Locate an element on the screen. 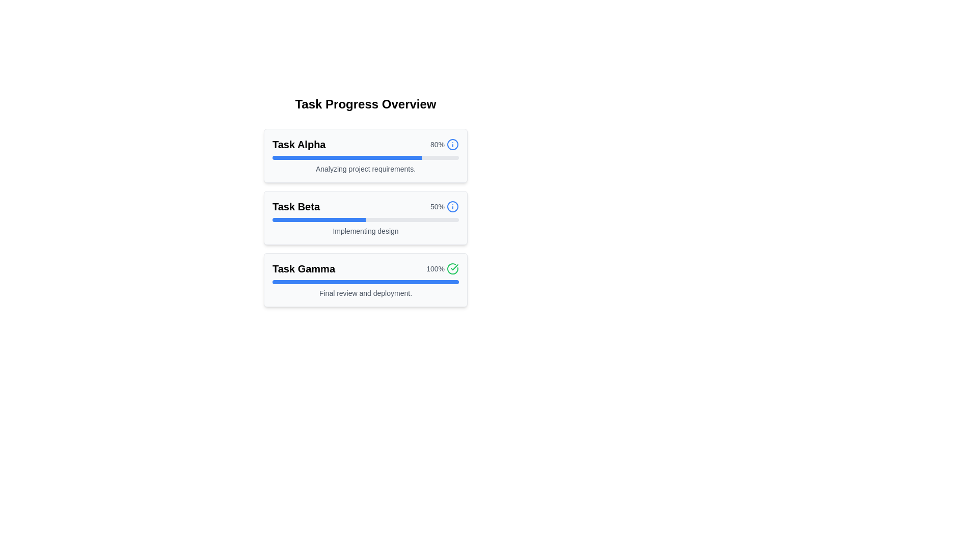 Image resolution: width=978 pixels, height=550 pixels. the progress bar element located within the 'Task Alpha' card, which has a grey background and a blue filled portion indicating progress is located at coordinates (366, 157).